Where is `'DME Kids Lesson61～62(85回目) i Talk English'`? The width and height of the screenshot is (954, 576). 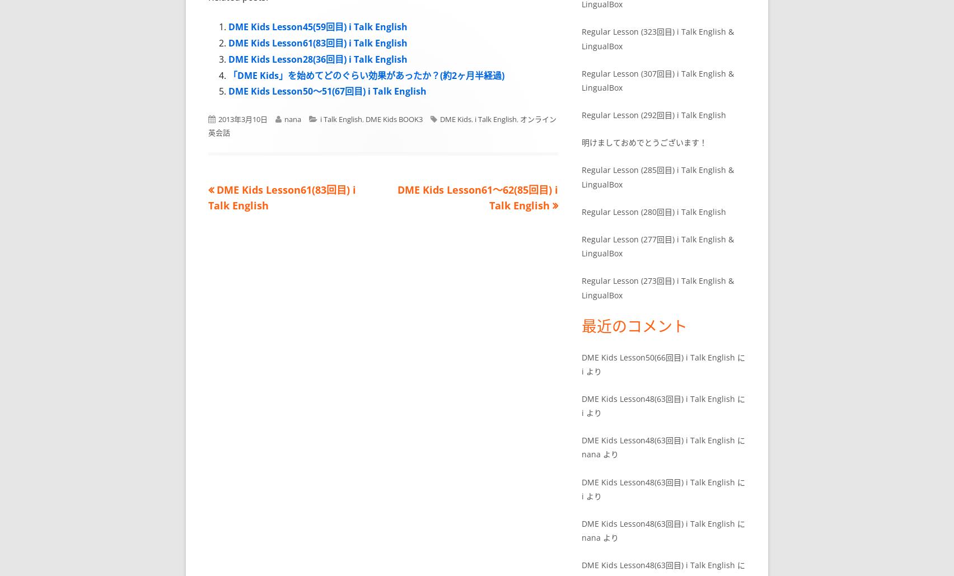
'DME Kids Lesson61～62(85回目) i Talk English' is located at coordinates (477, 197).